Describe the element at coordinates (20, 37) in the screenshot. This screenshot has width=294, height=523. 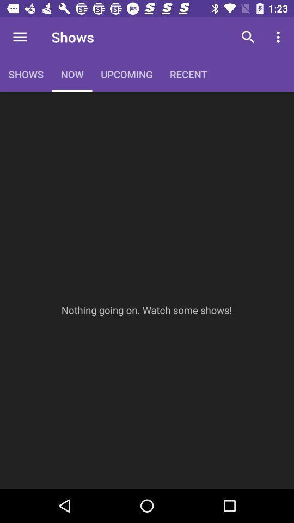
I see `the icon to the left of the shows icon` at that location.